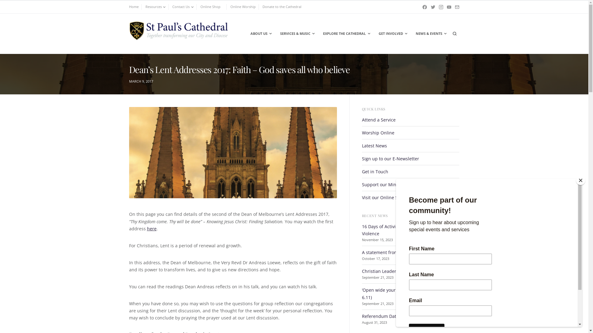 The height and width of the screenshot is (333, 593). What do you see at coordinates (128, 7) in the screenshot?
I see `'Home'` at bounding box center [128, 7].